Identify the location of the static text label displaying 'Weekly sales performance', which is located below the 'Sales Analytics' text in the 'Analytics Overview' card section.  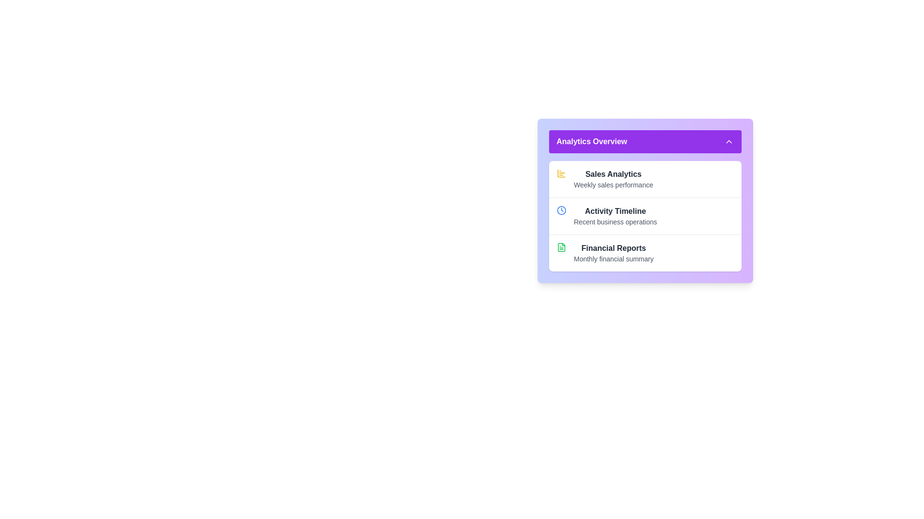
(613, 185).